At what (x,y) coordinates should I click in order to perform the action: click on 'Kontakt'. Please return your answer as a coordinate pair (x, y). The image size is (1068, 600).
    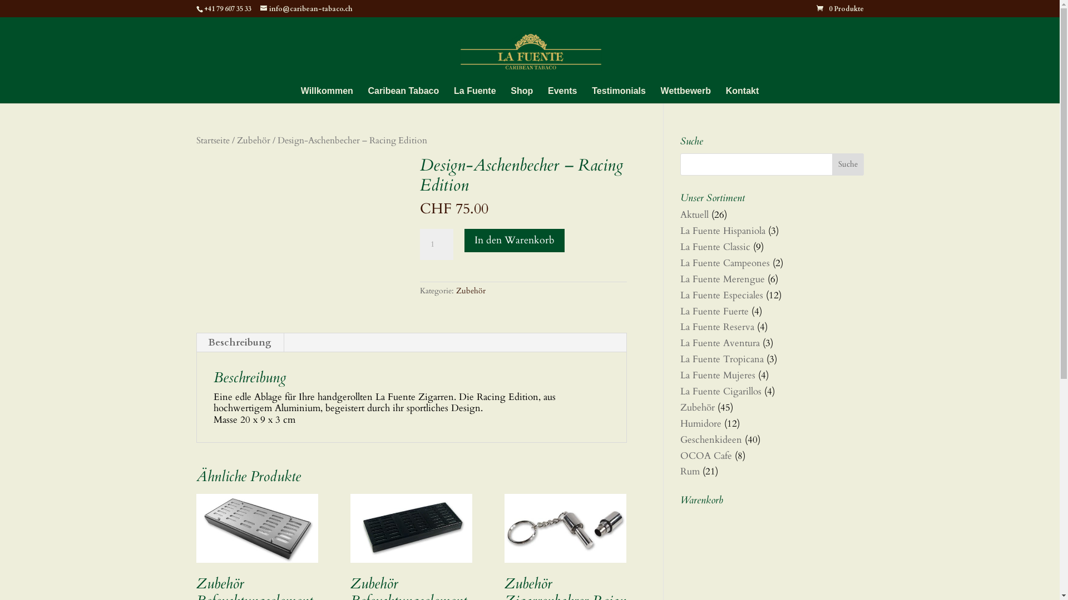
    Looking at the image, I should click on (742, 94).